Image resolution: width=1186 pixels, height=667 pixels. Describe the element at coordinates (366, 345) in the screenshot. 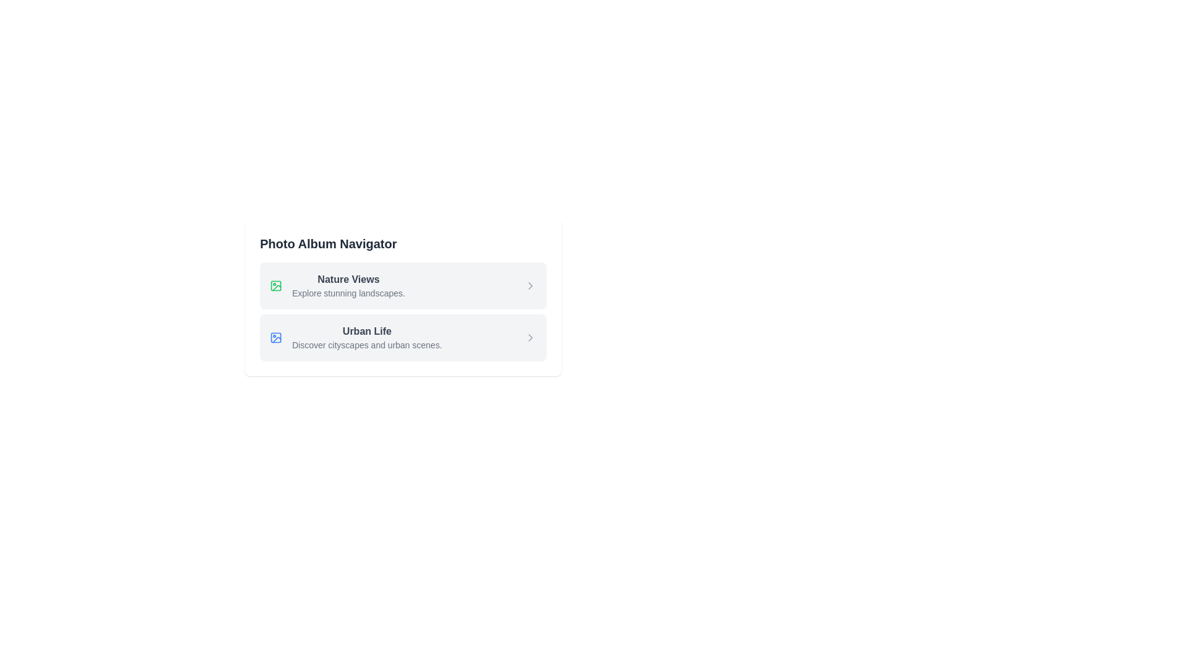

I see `text element labeled 'Discover cityscapes and urban scenes.' located below the title 'Urban Life' in the 'Photo Album Navigator' section` at that location.